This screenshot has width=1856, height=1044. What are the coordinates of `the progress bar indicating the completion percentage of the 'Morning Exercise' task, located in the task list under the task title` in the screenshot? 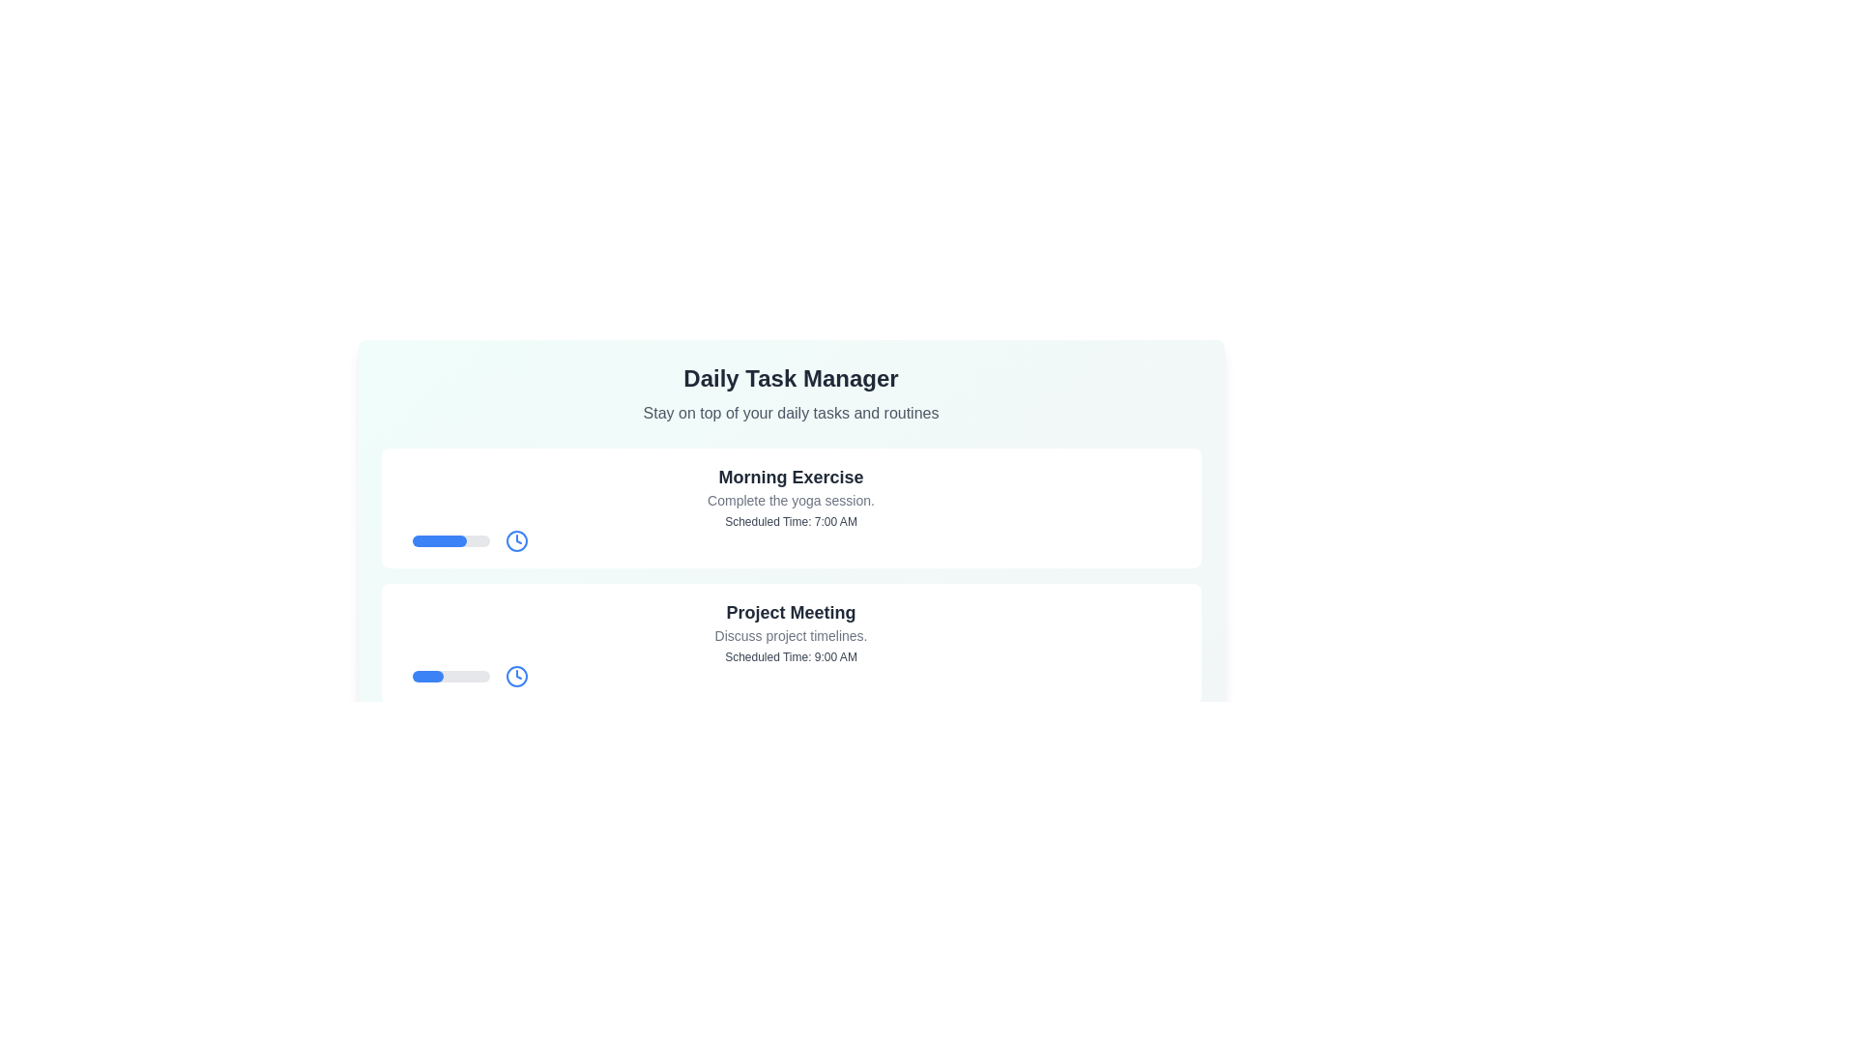 It's located at (438, 540).